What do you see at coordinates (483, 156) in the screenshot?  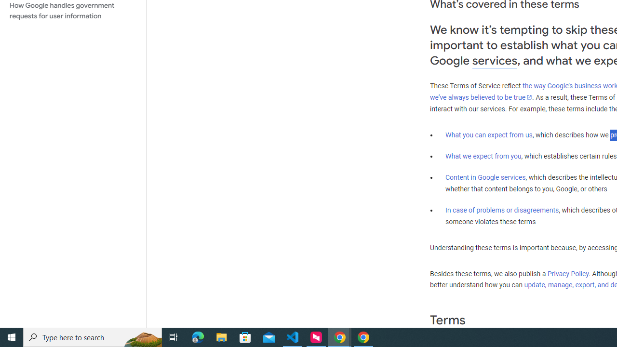 I see `'What we expect from you'` at bounding box center [483, 156].